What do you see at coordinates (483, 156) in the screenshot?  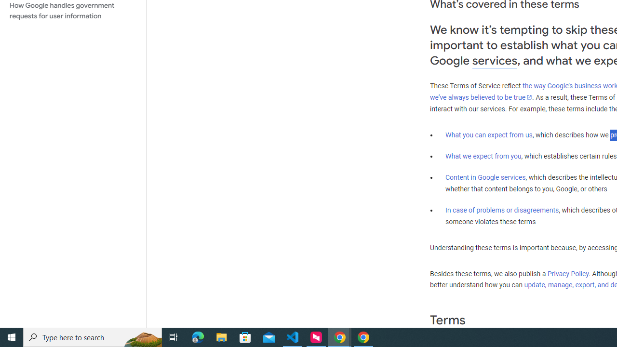 I see `'What we expect from you'` at bounding box center [483, 156].